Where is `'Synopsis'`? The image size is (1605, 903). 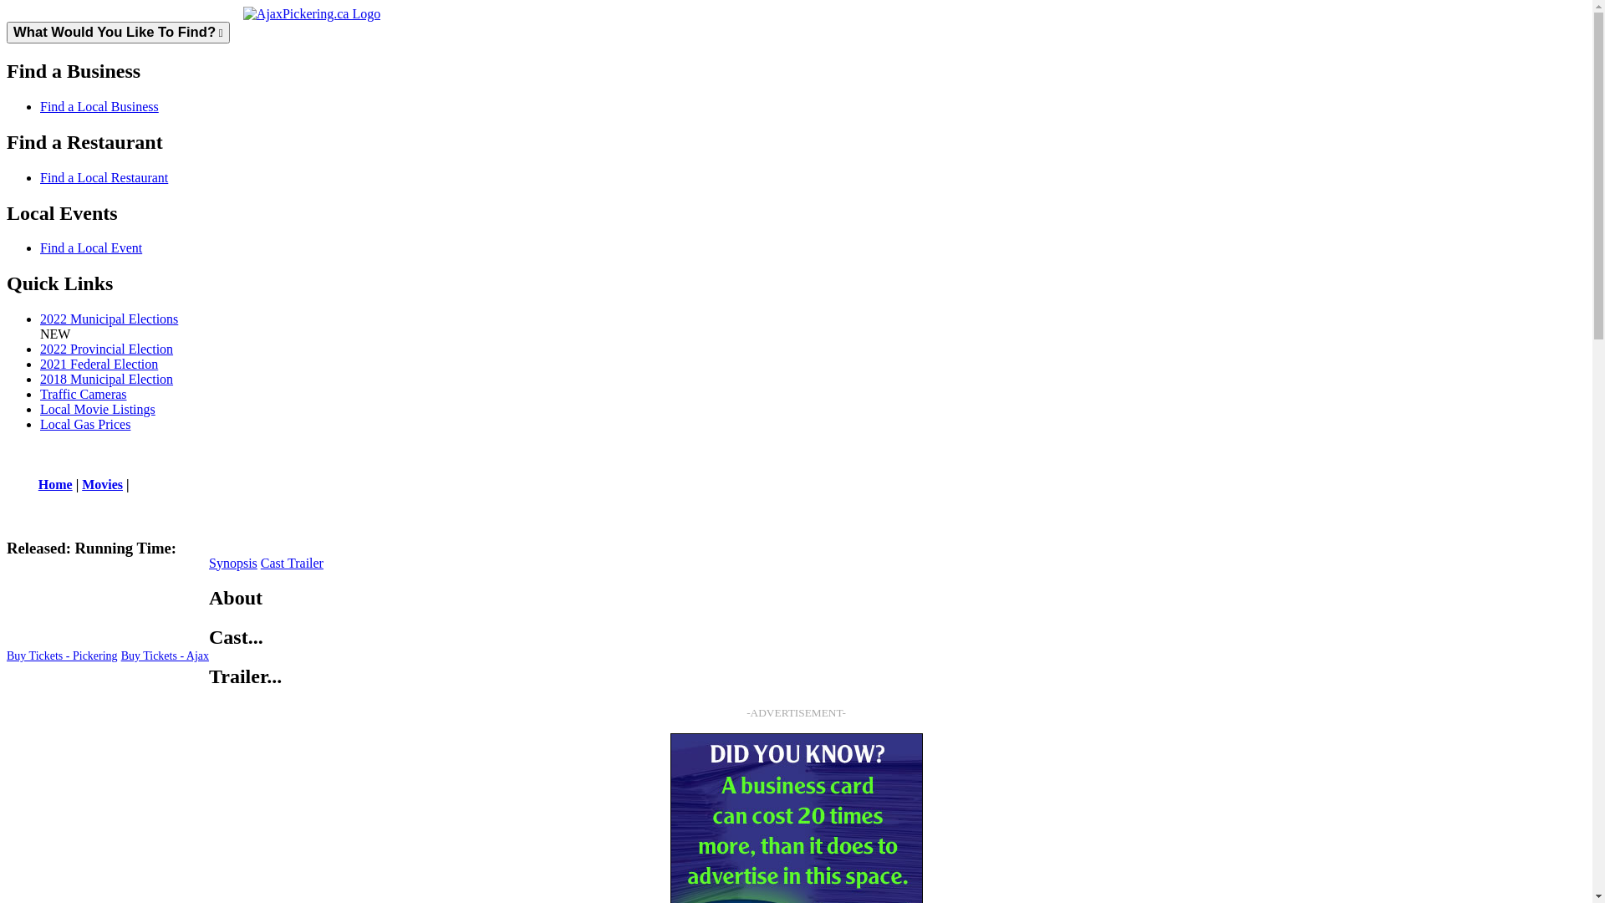 'Synopsis' is located at coordinates (232, 563).